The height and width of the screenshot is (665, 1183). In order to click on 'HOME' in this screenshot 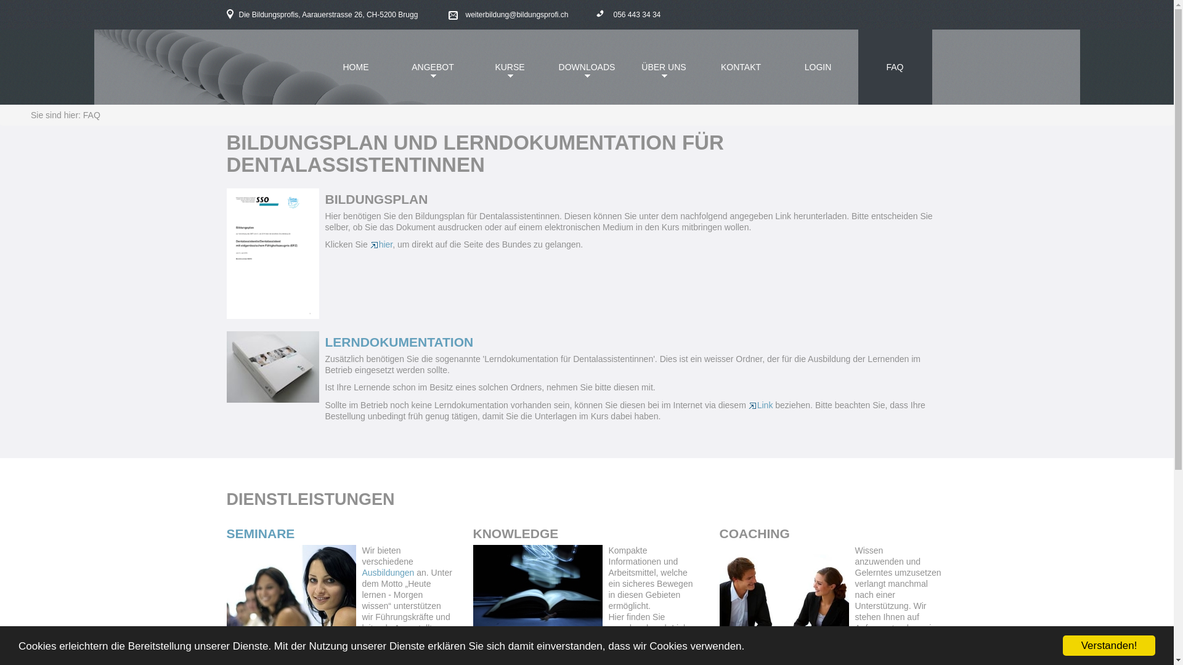, I will do `click(319, 66)`.